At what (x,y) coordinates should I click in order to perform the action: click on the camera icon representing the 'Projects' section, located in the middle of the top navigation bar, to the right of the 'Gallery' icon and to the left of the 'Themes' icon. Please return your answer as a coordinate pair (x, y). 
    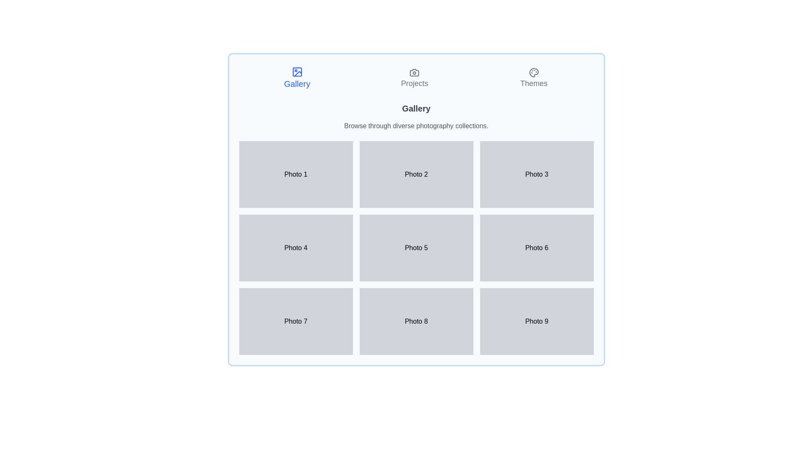
    Looking at the image, I should click on (414, 72).